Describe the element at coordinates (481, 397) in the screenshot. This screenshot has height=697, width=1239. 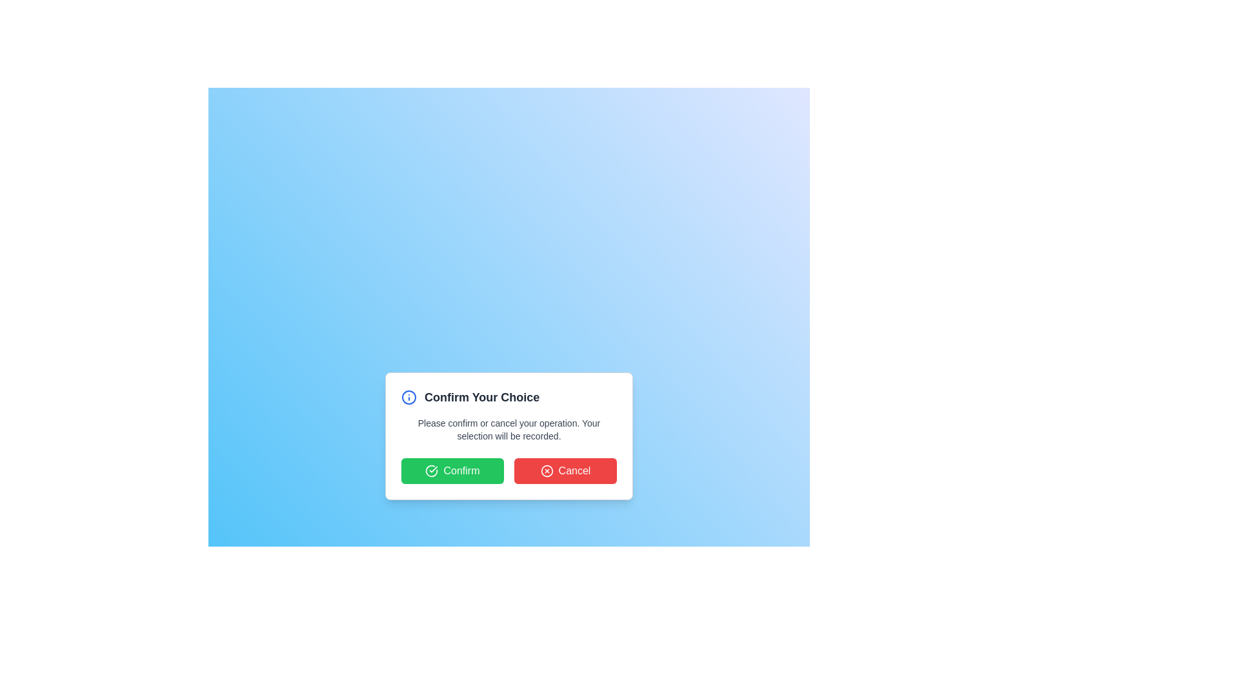
I see `the prominently styled text label that reads 'Confirm Your Choice' within the modal dialog box` at that location.